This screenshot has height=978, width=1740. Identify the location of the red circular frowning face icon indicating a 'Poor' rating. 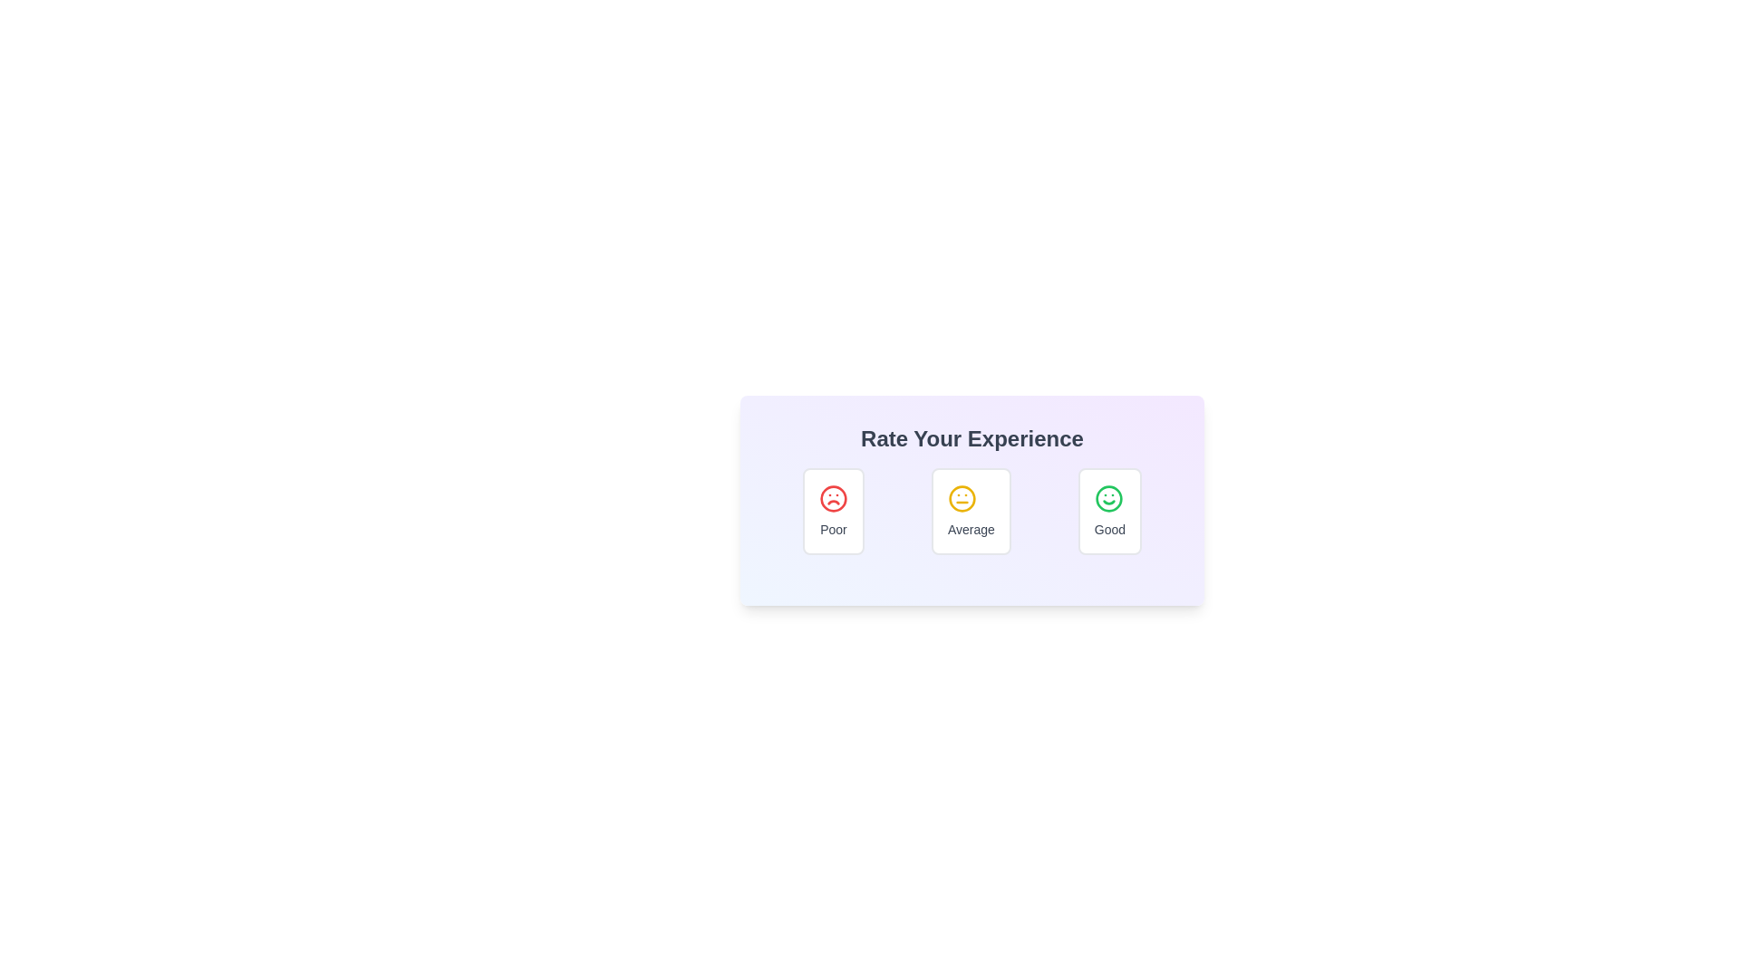
(833, 499).